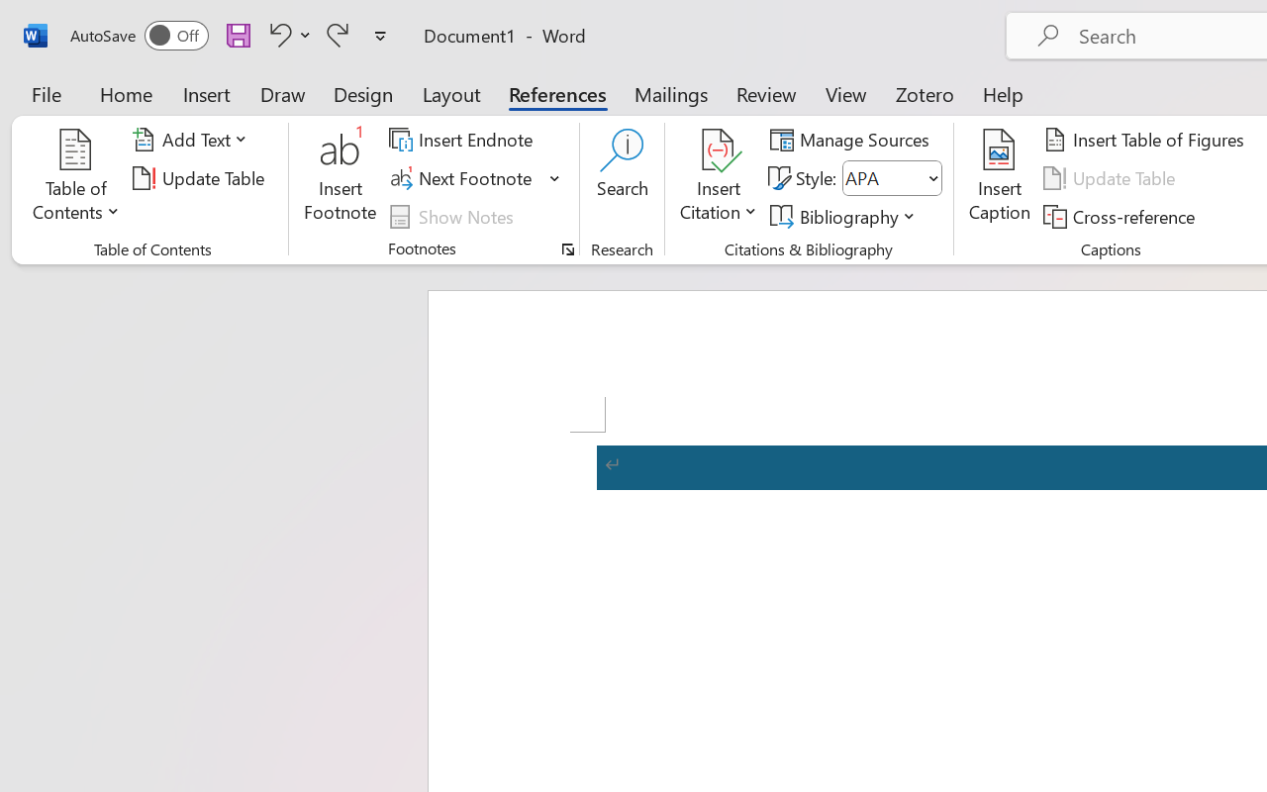 Image resolution: width=1267 pixels, height=792 pixels. What do you see at coordinates (846, 216) in the screenshot?
I see `'Bibliography'` at bounding box center [846, 216].